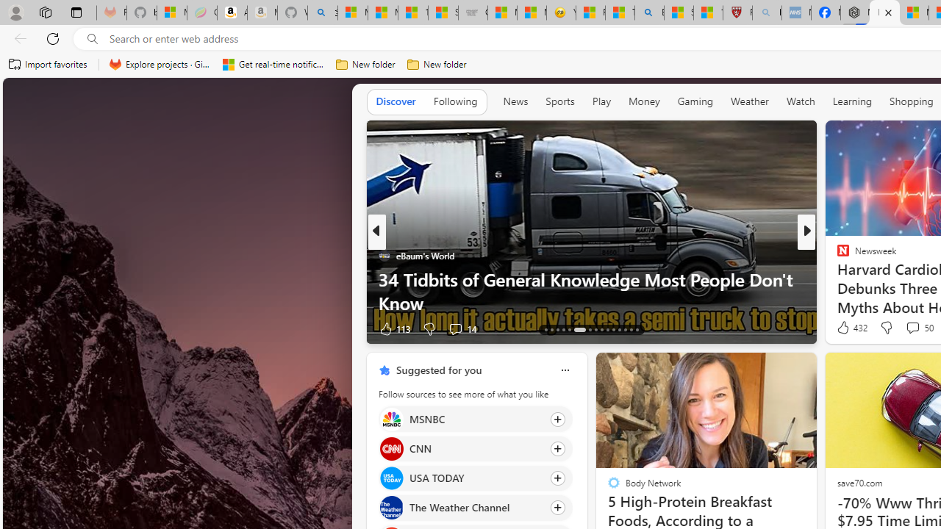  Describe the element at coordinates (391, 507) in the screenshot. I see `'The Weather Channel'` at that location.